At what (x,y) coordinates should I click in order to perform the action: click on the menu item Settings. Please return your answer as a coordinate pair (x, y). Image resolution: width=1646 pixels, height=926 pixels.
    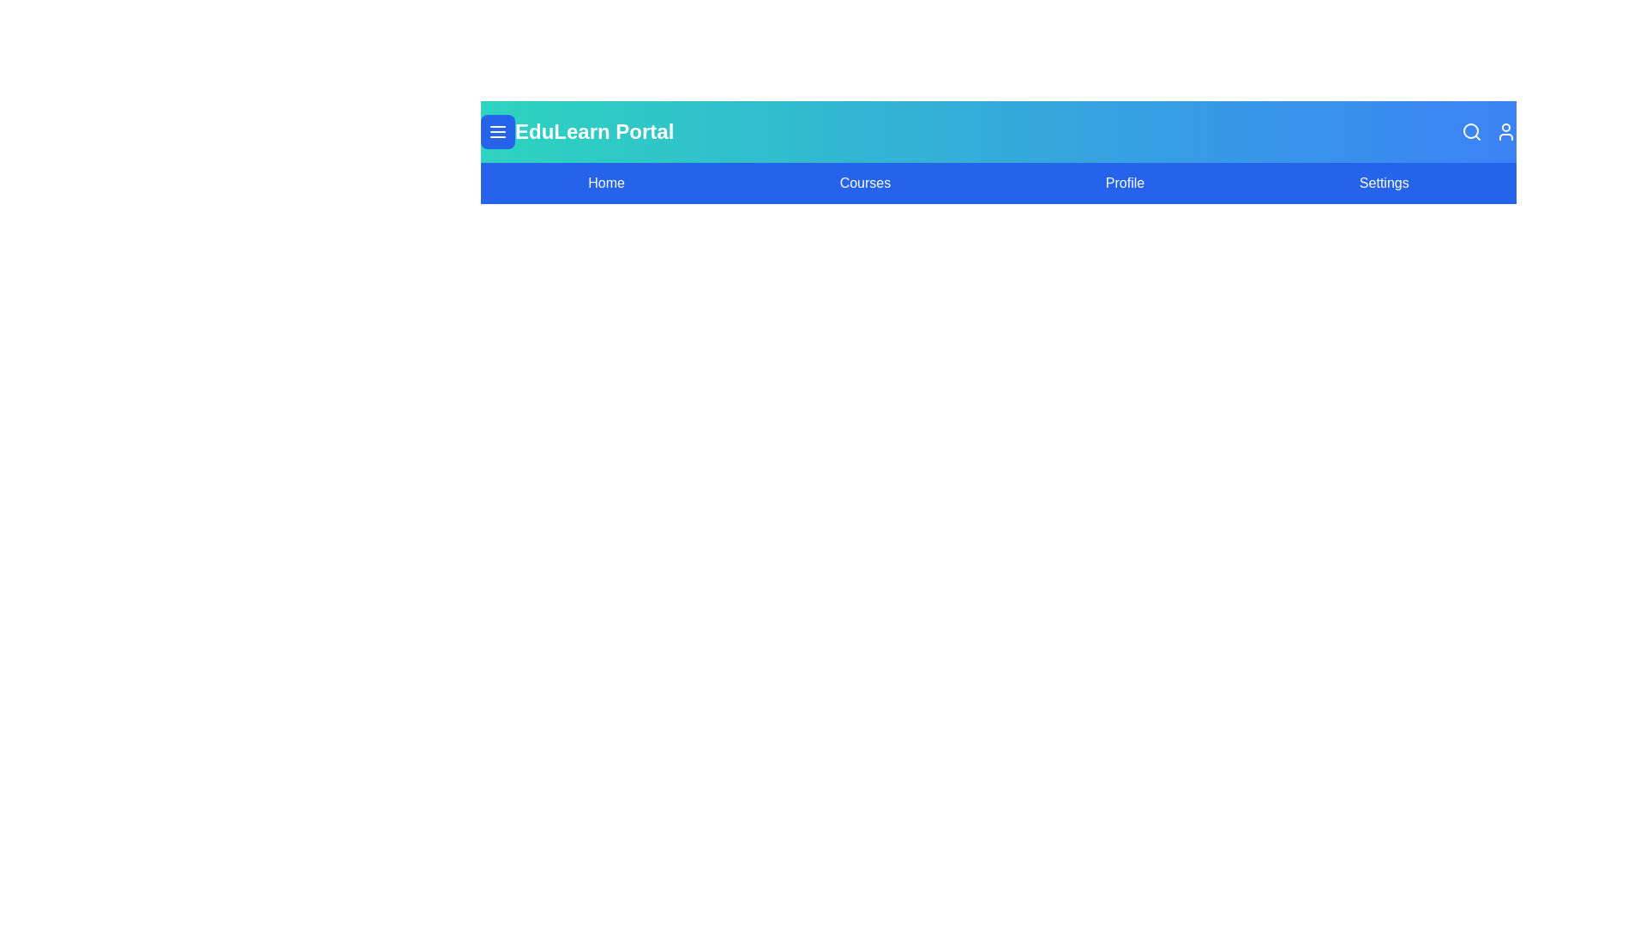
    Looking at the image, I should click on (1384, 183).